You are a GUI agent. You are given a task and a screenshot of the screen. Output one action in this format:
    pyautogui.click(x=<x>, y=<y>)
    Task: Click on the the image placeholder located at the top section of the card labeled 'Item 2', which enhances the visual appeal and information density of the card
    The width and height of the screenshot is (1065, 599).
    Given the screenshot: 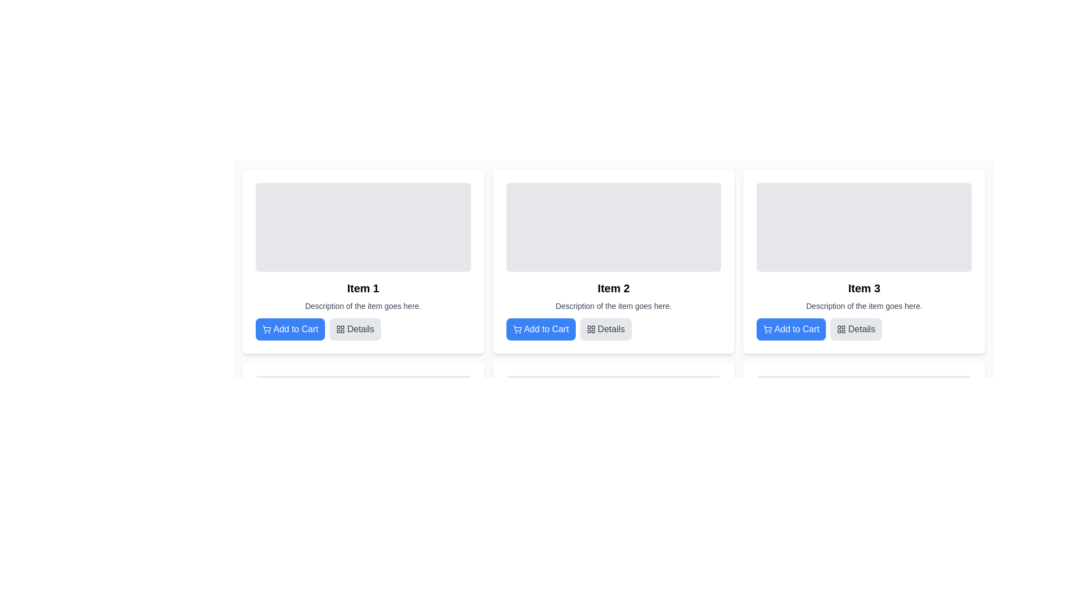 What is the action you would take?
    pyautogui.click(x=613, y=226)
    